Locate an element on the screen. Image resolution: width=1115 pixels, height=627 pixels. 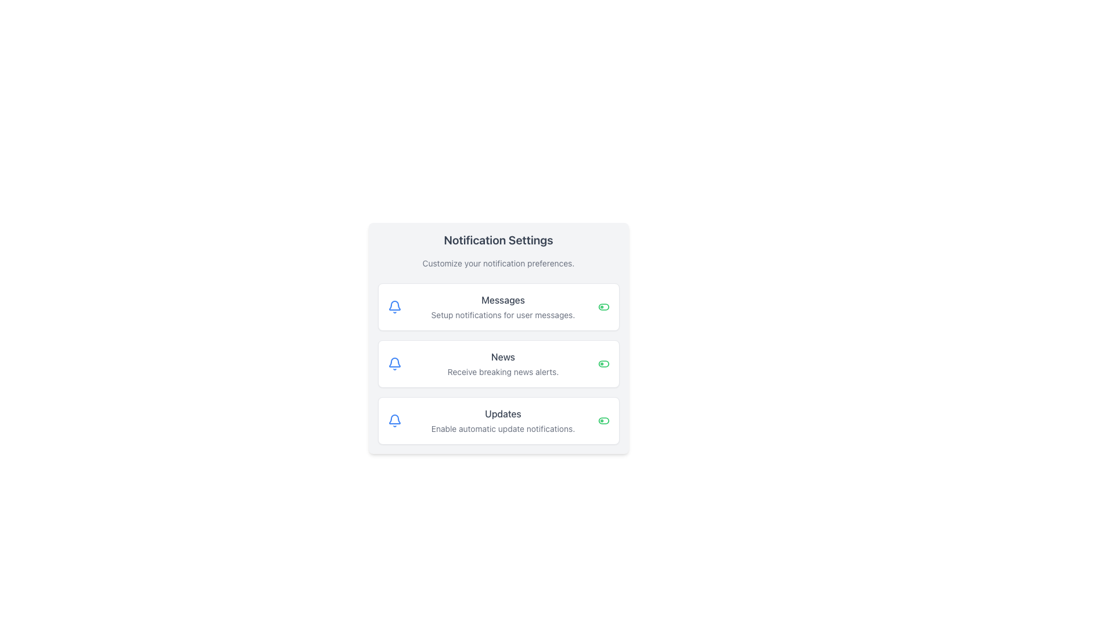
the toggle switch on the notification toggle card for breaking news alerts, which is the second card in the vertical list of notification options is located at coordinates (498, 363).